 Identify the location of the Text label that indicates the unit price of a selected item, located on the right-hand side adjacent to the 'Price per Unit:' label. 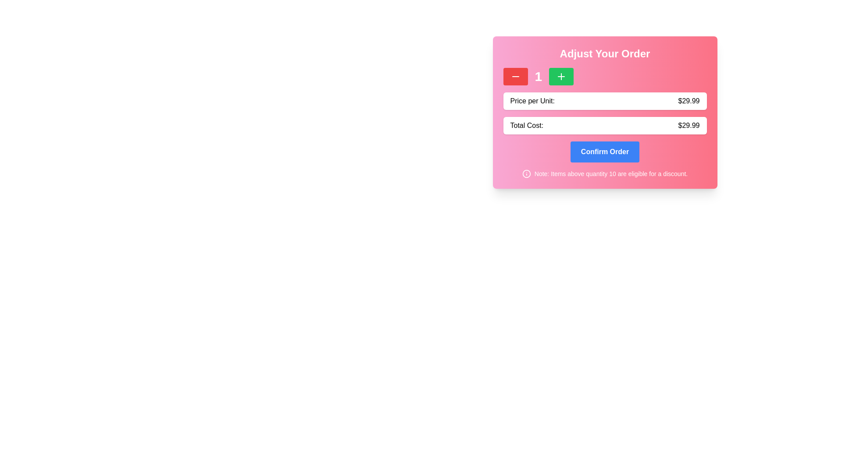
(688, 101).